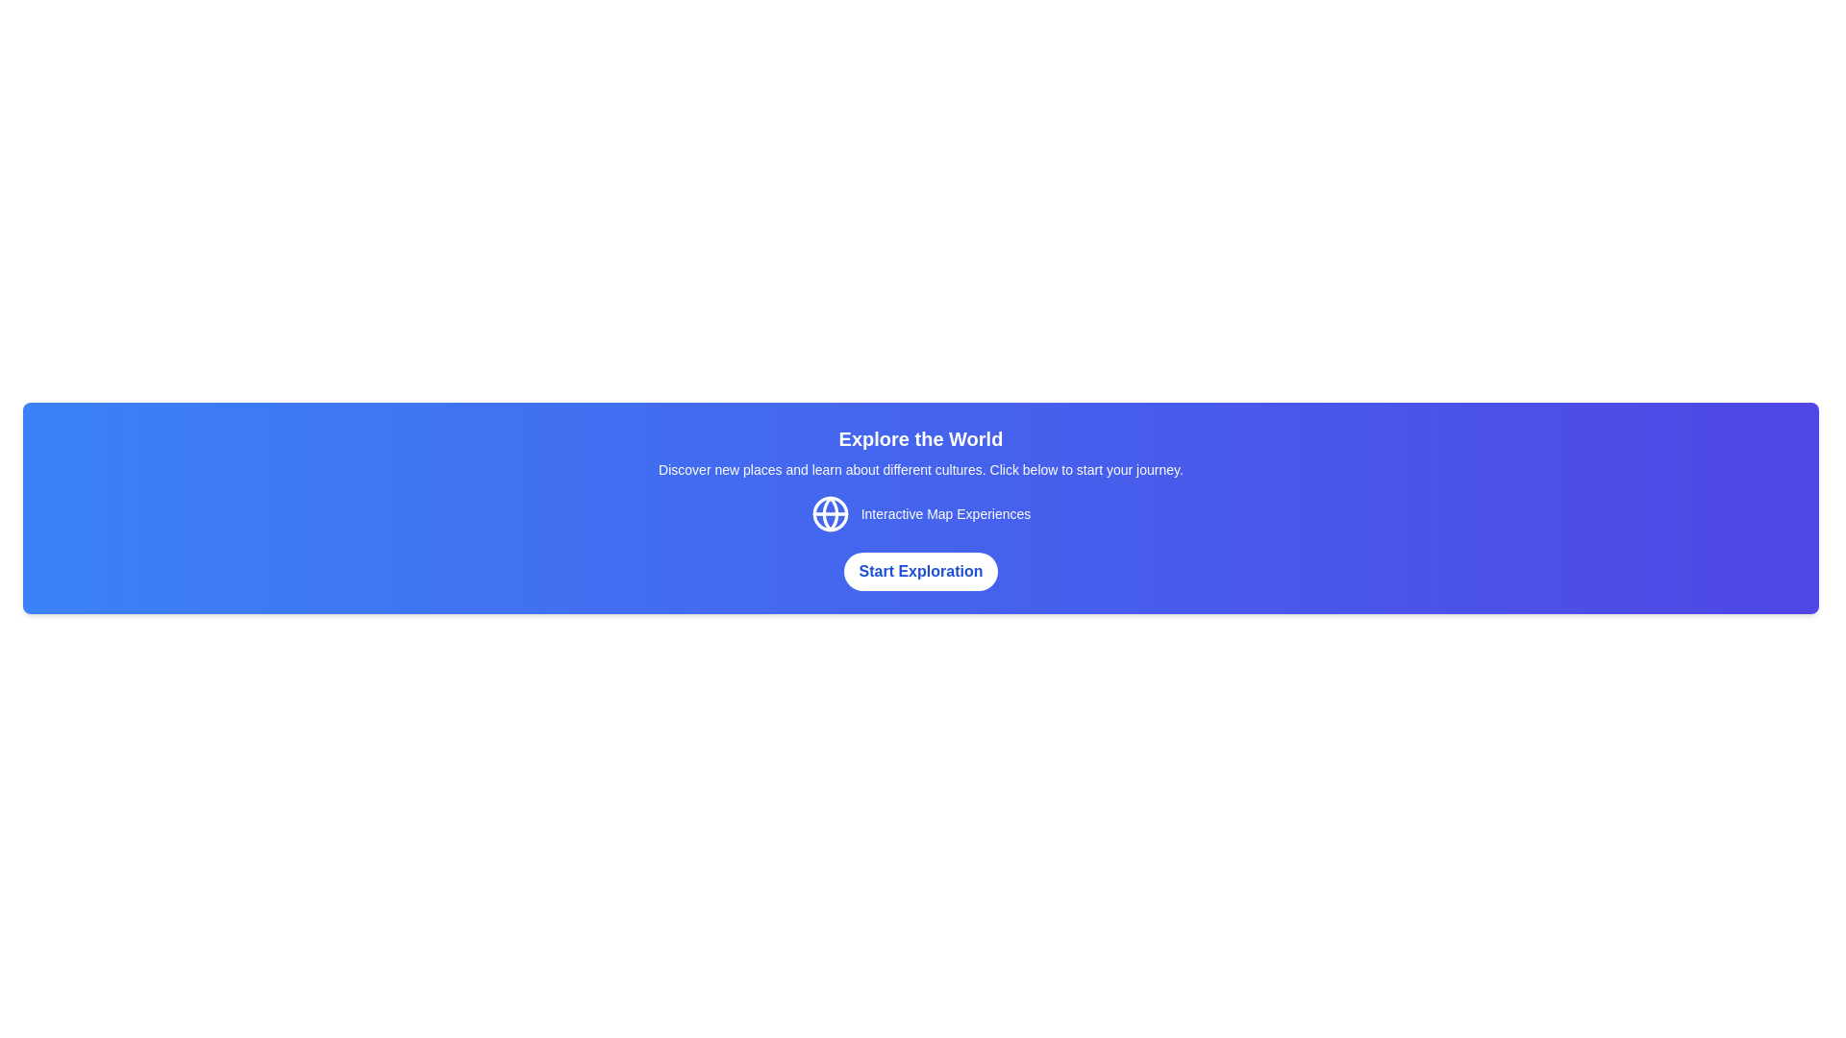  What do you see at coordinates (920, 470) in the screenshot?
I see `the Text Display that provides introductory context about exploring new places and cultures, located below the title 'Explore the World'` at bounding box center [920, 470].